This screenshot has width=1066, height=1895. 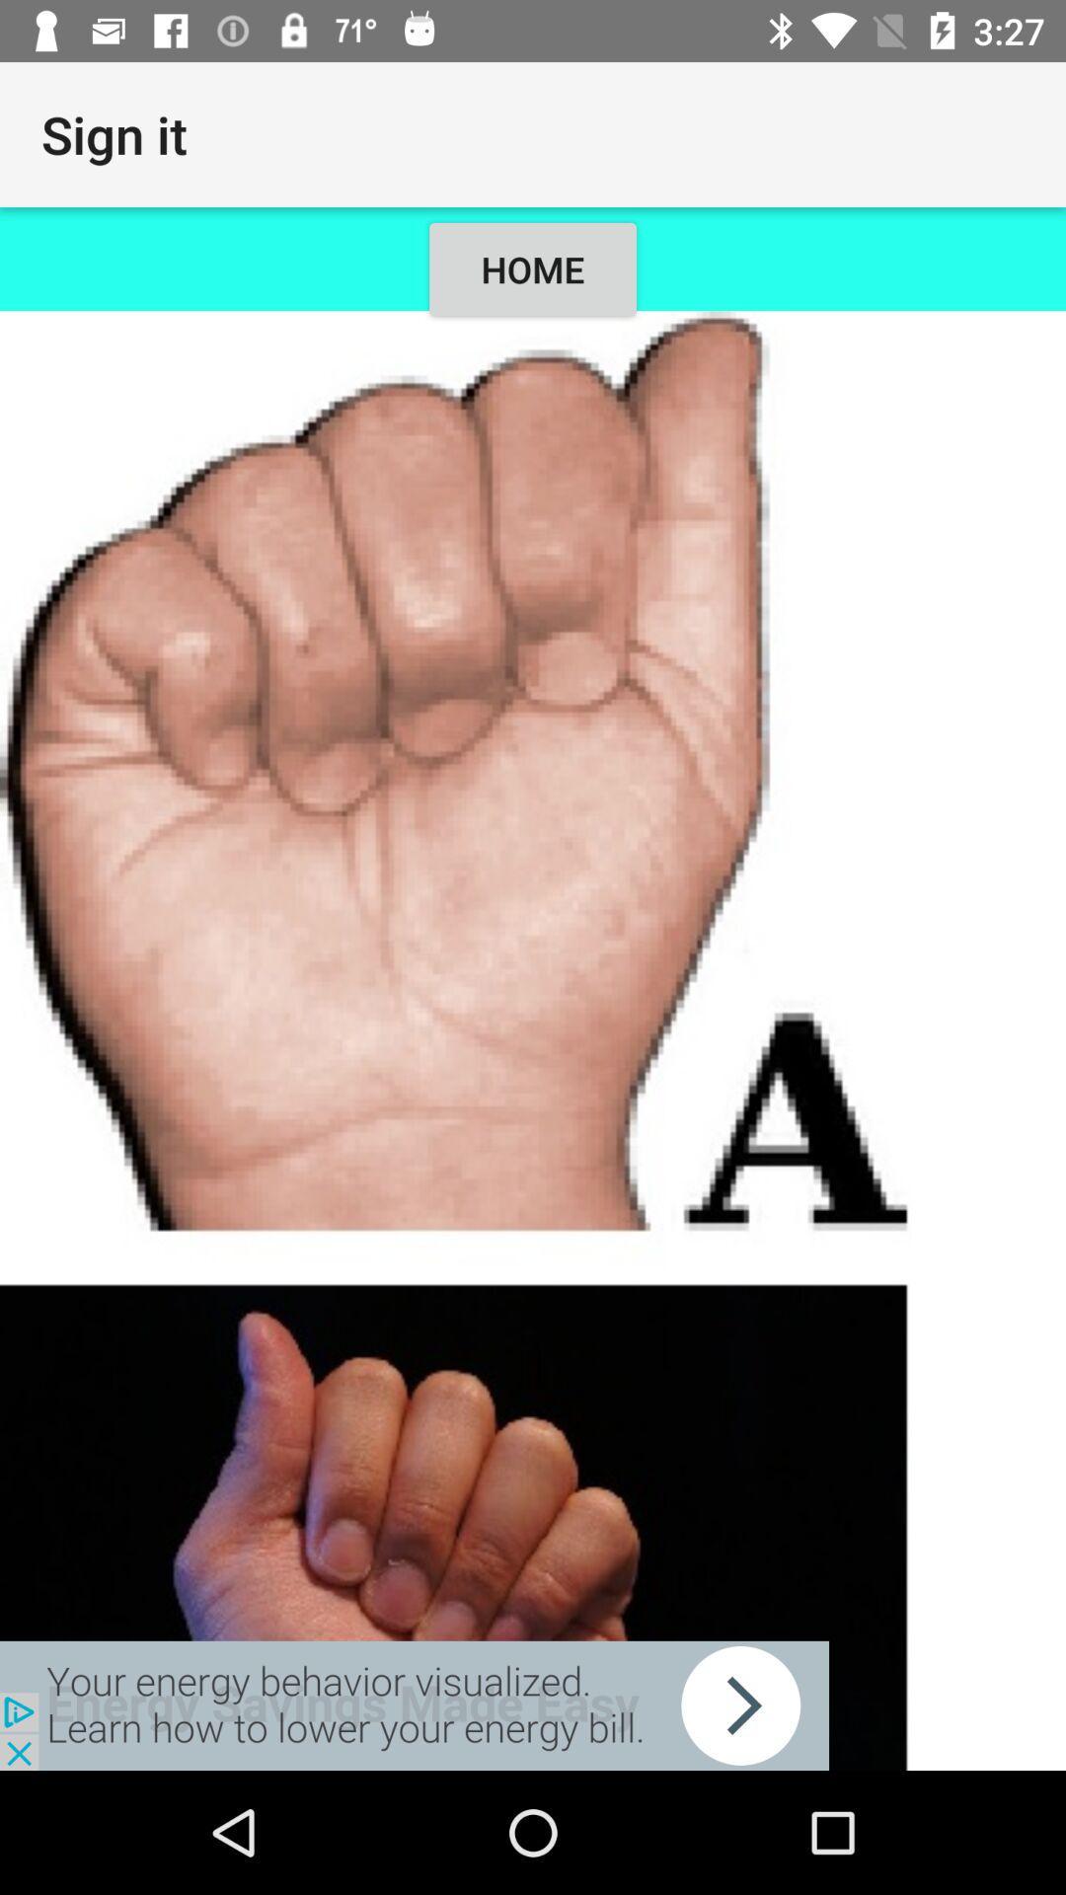 I want to click on advertisement, so click(x=414, y=1705).